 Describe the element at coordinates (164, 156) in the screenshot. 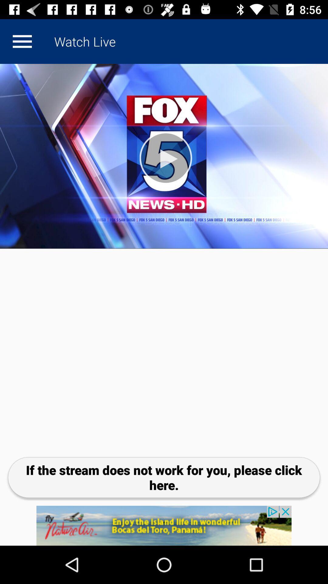

I see `play` at that location.